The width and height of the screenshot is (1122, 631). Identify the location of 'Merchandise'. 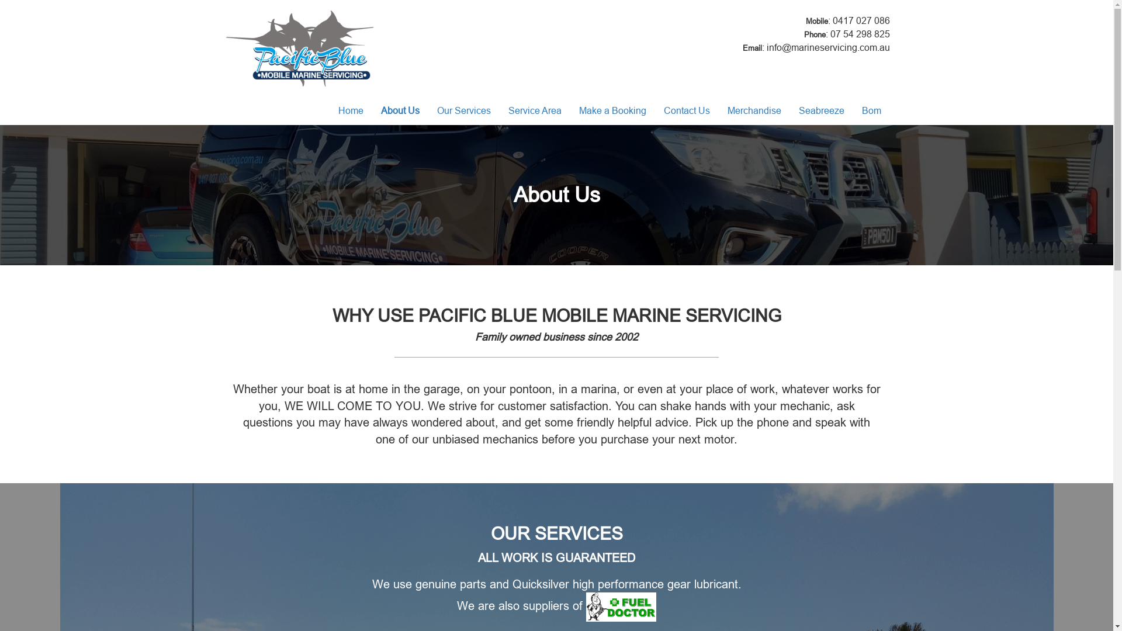
(754, 110).